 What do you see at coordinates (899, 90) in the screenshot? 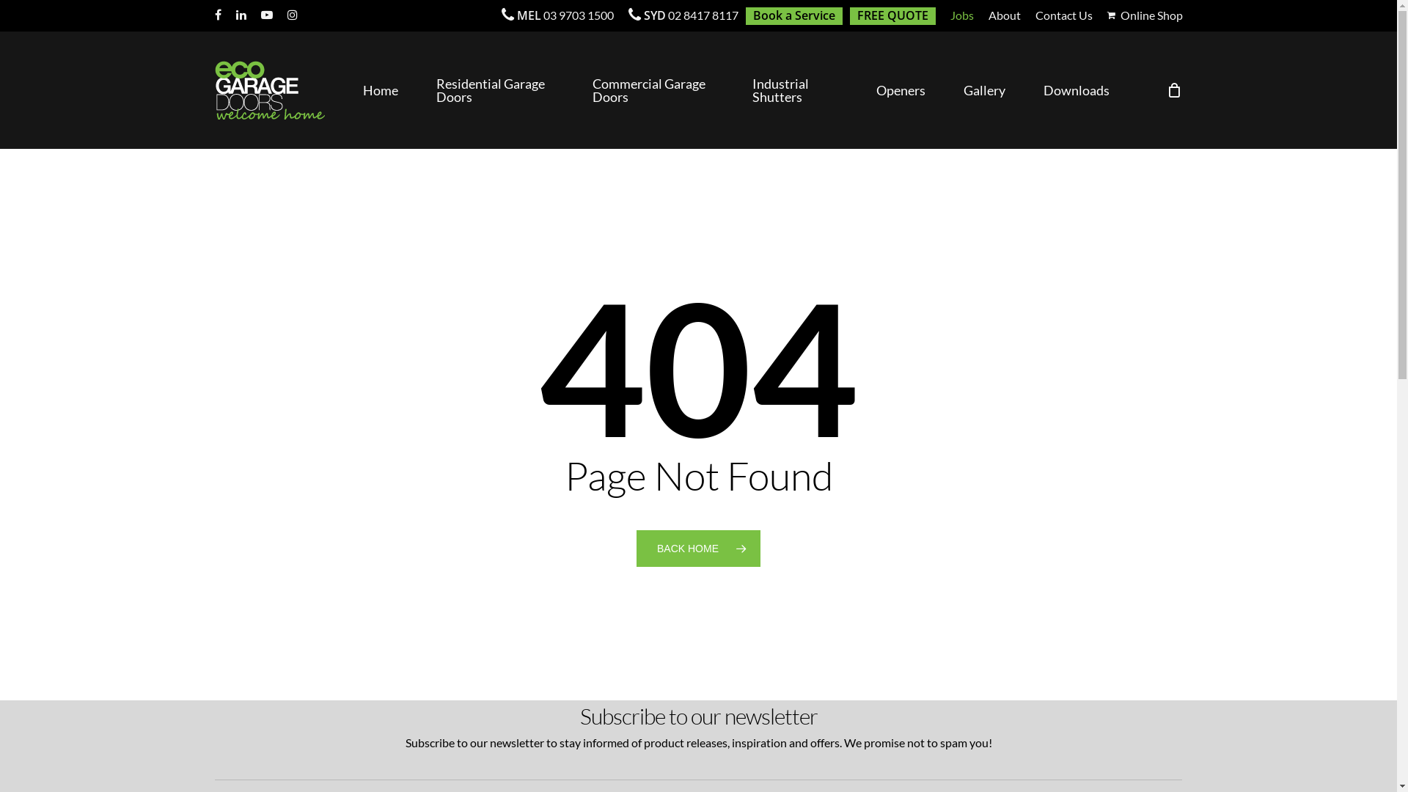
I see `'Openers'` at bounding box center [899, 90].